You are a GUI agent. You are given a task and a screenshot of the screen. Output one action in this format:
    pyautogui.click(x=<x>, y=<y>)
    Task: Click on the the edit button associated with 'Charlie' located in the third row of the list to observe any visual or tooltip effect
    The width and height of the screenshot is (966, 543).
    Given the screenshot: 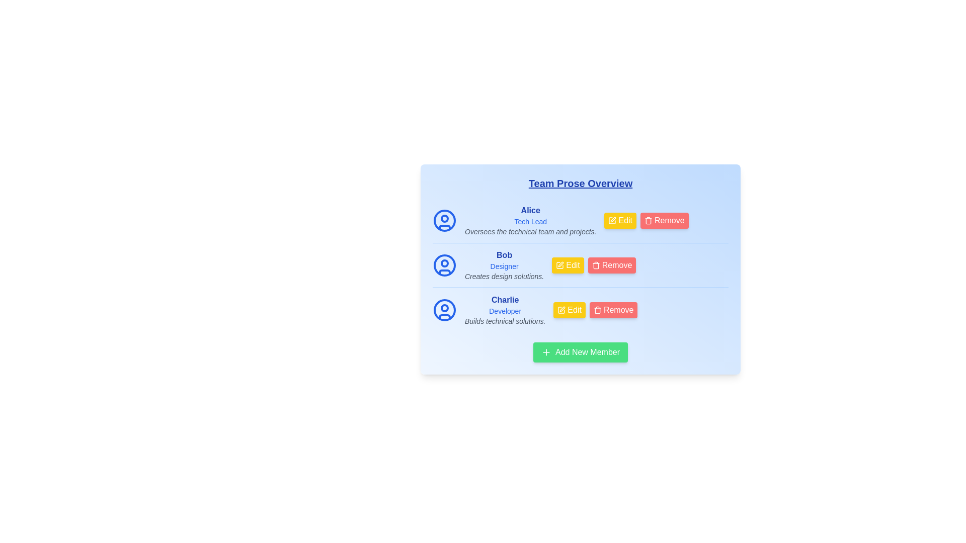 What is the action you would take?
    pyautogui.click(x=580, y=310)
    